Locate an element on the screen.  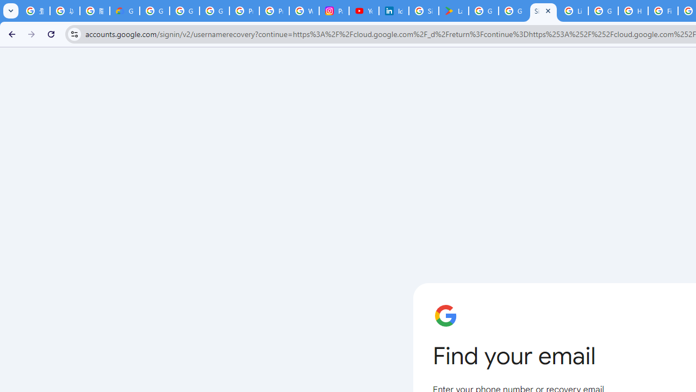
'YouTube Culture & Trends - On The Rise: Handcam Videos' is located at coordinates (364, 11).